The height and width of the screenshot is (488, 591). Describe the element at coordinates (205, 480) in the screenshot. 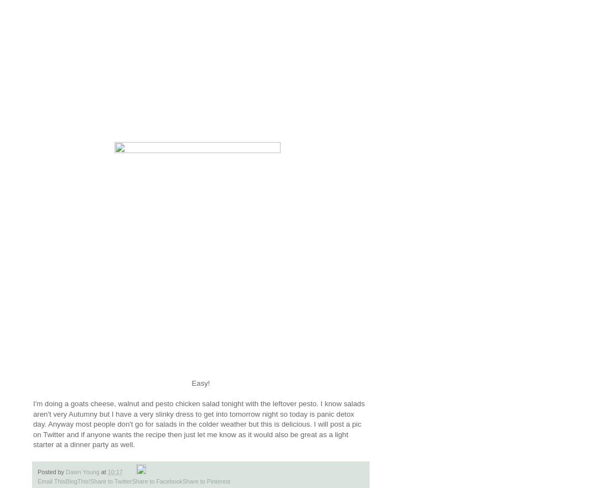

I see `'Share to Pinterest'` at that location.